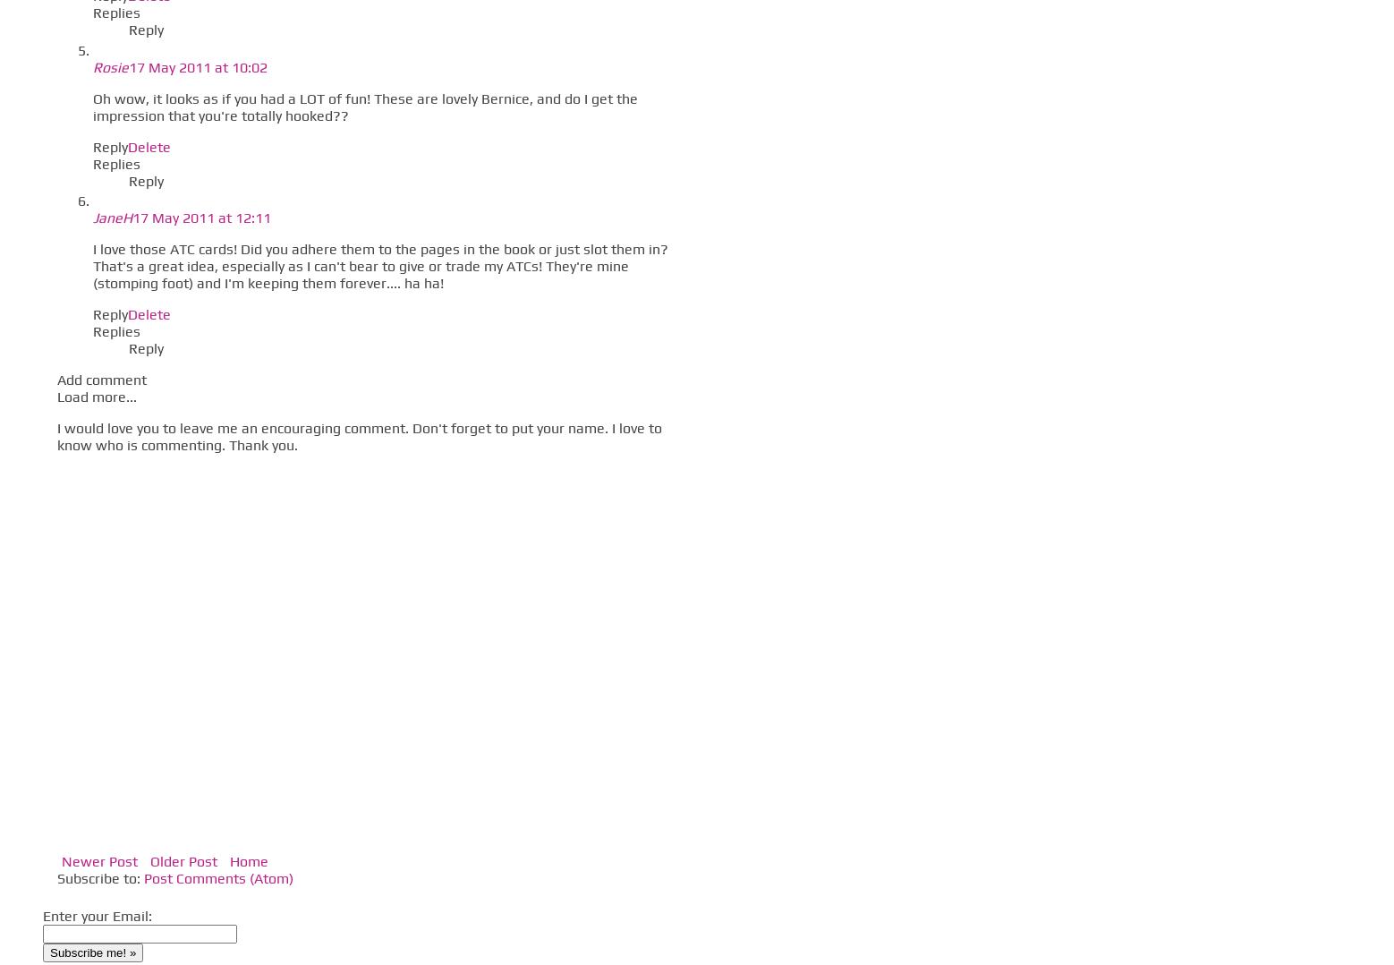 This screenshot has height=965, width=1394. What do you see at coordinates (101, 378) in the screenshot?
I see `'Add comment'` at bounding box center [101, 378].